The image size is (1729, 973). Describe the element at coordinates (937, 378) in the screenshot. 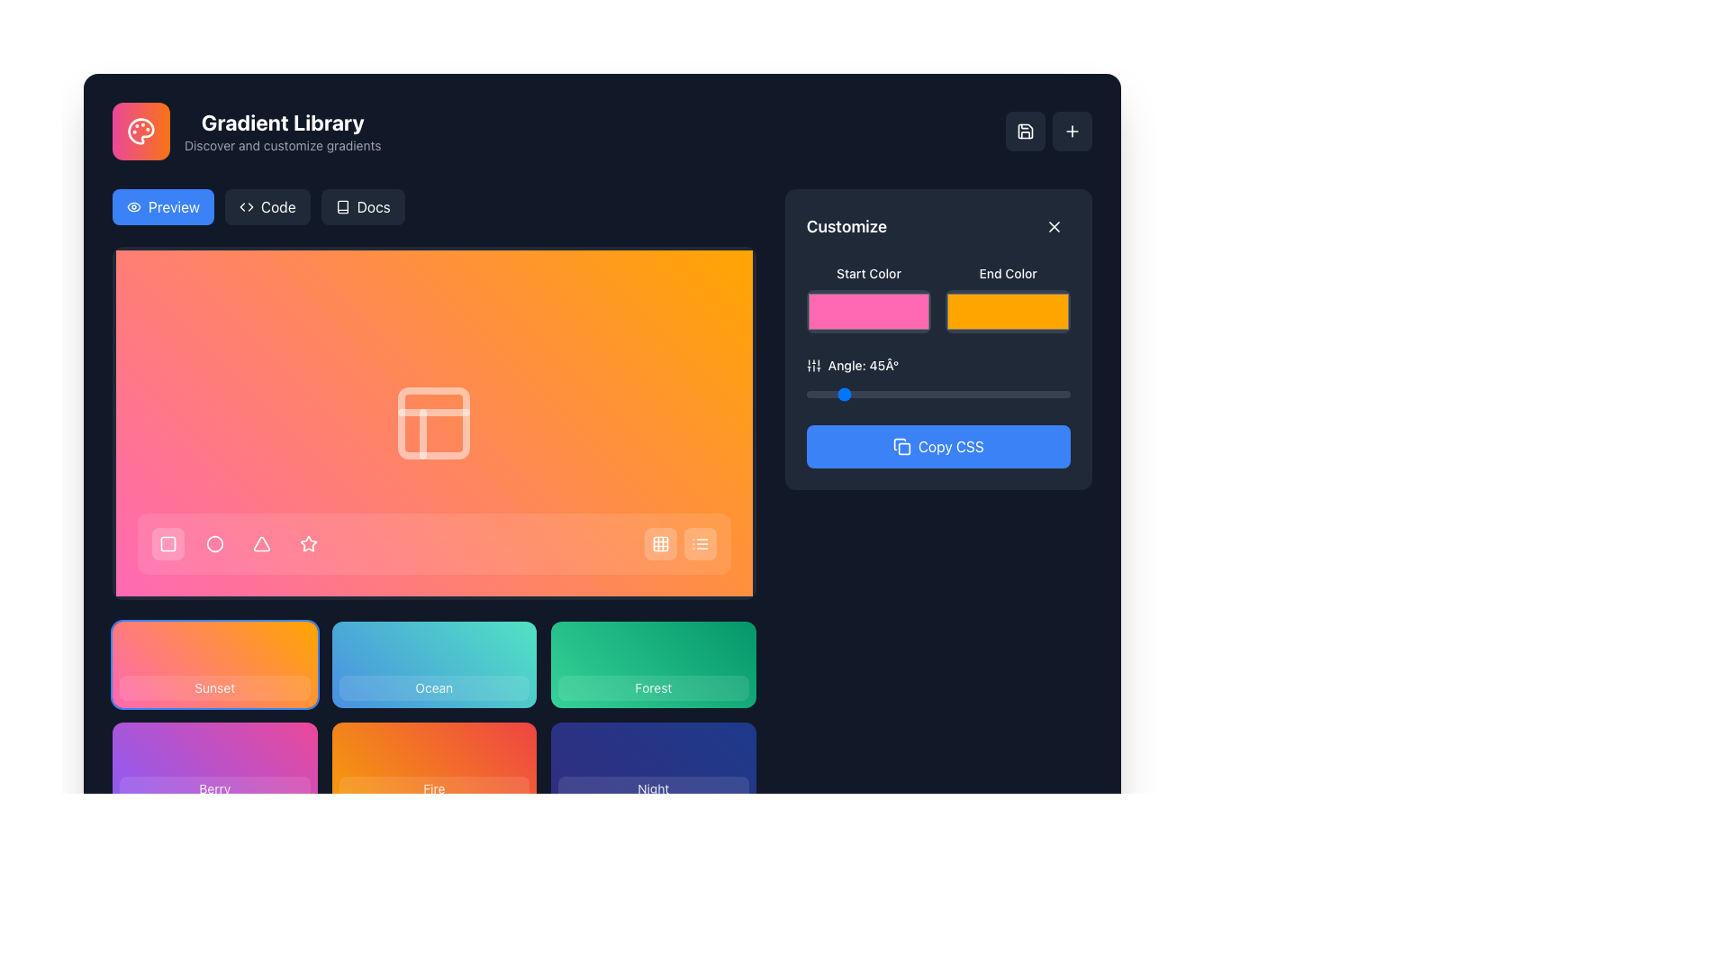

I see `the horizontal slider labeled 'Angle: 45°' located in the 'Customize' panel, below the color pickers and above the 'Copy CSS' button` at that location.